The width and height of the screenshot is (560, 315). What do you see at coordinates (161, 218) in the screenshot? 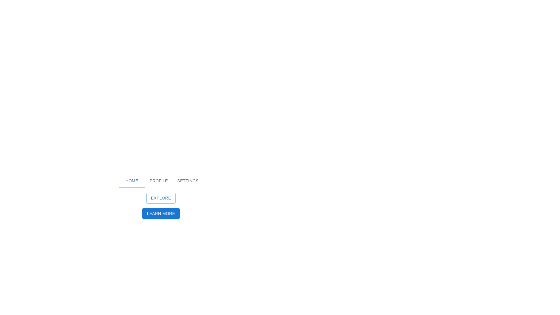
I see `the blue button labeled 'LEARN MORE' for keyboard navigation by moving the cursor to its center point` at bounding box center [161, 218].